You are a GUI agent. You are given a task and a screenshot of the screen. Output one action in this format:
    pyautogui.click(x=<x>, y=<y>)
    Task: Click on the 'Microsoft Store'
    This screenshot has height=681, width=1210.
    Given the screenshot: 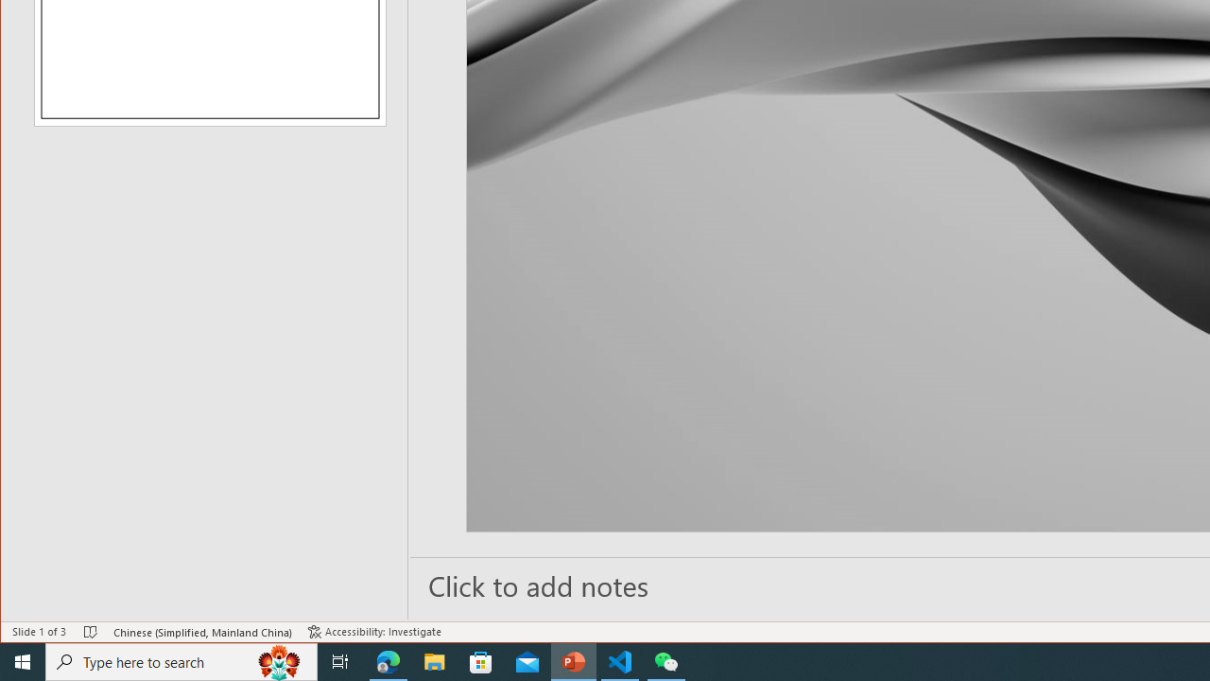 What is the action you would take?
    pyautogui.click(x=481, y=660)
    